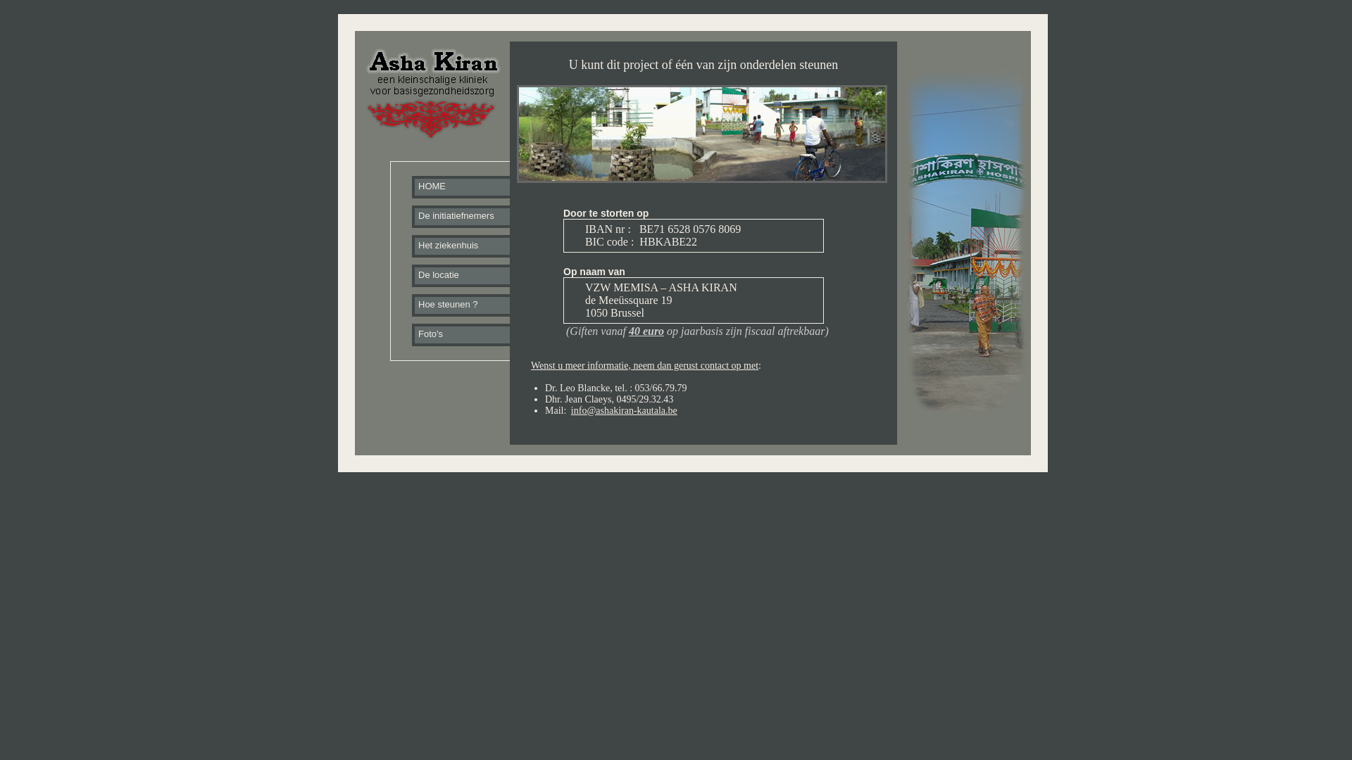 The width and height of the screenshot is (1352, 760). Describe the element at coordinates (472, 336) in the screenshot. I see `'Foto's'` at that location.